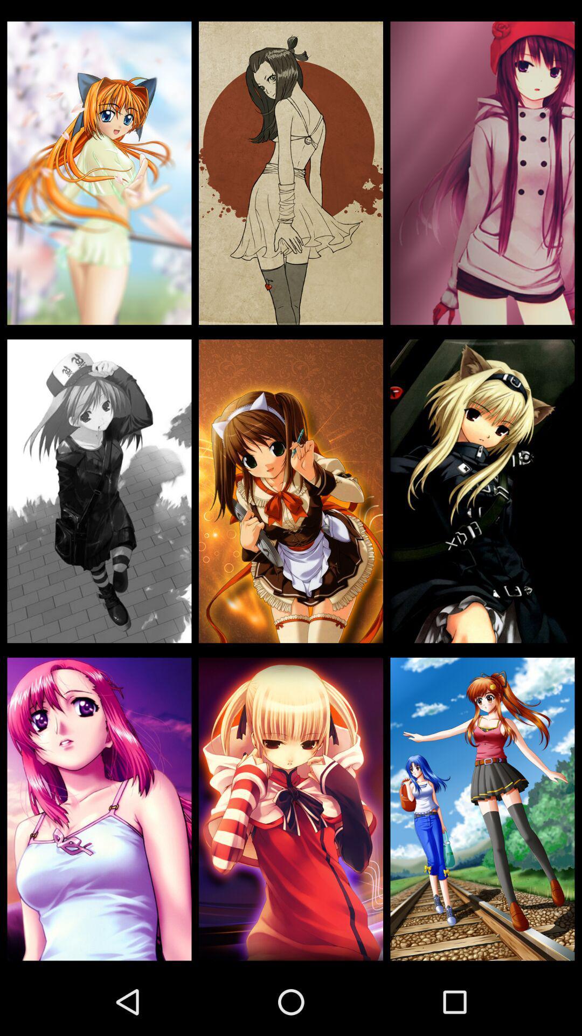 Image resolution: width=582 pixels, height=1036 pixels. What do you see at coordinates (99, 490) in the screenshot?
I see `the icon on the left` at bounding box center [99, 490].